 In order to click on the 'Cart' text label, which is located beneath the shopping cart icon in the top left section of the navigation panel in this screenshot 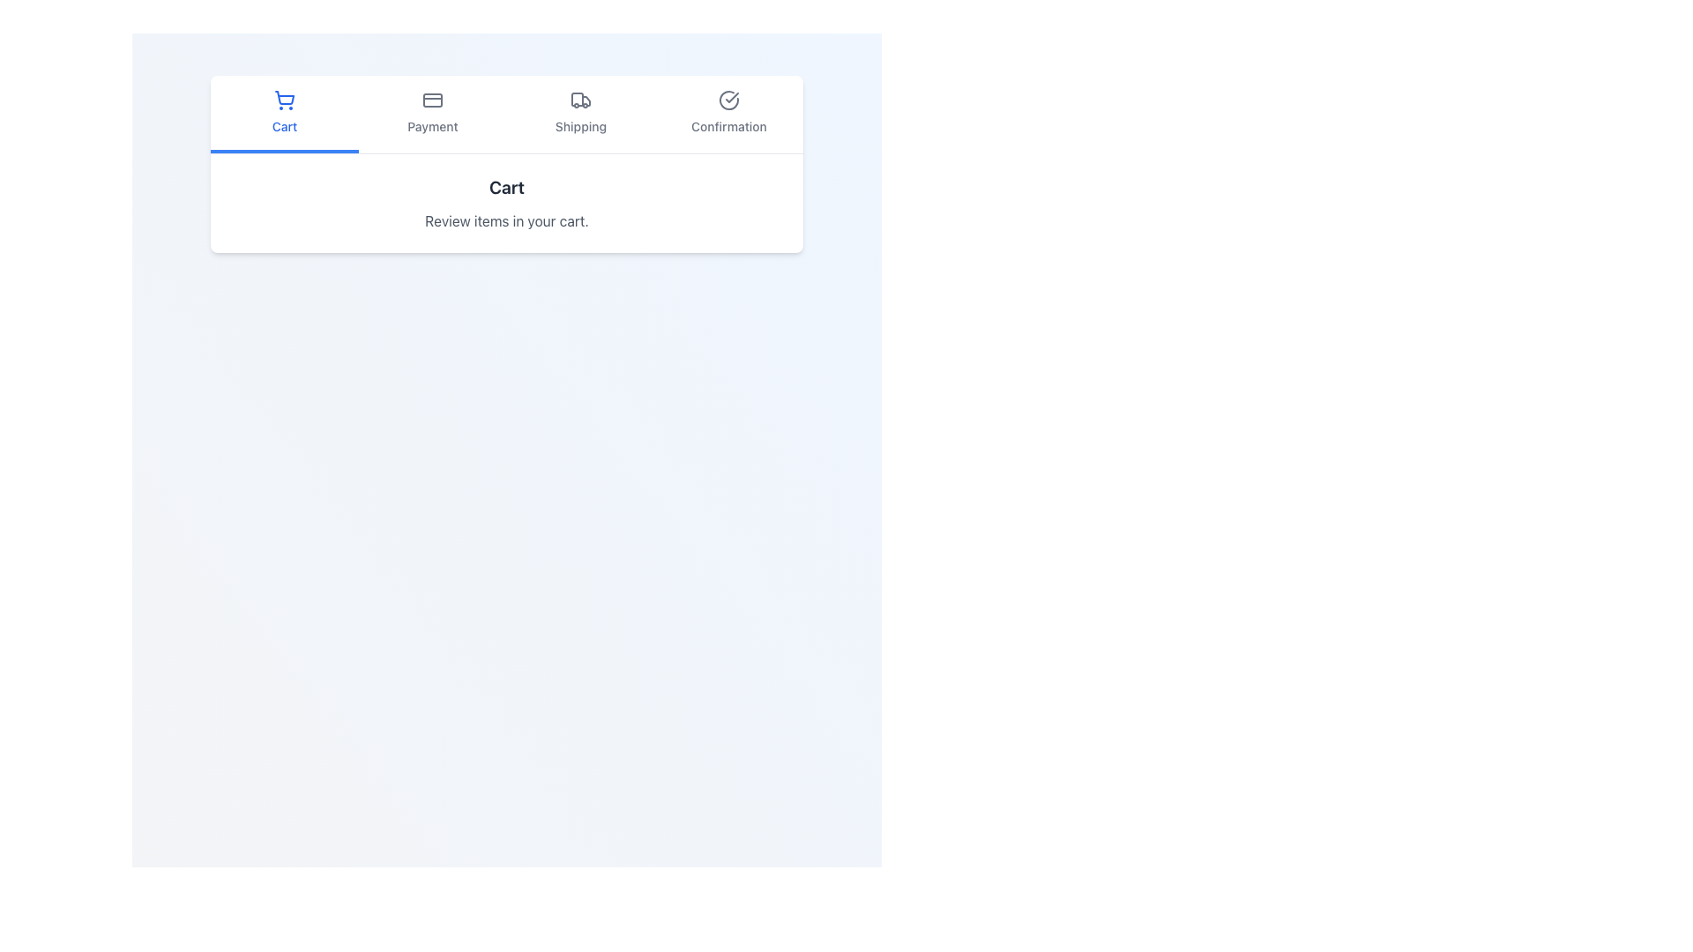, I will do `click(284, 125)`.